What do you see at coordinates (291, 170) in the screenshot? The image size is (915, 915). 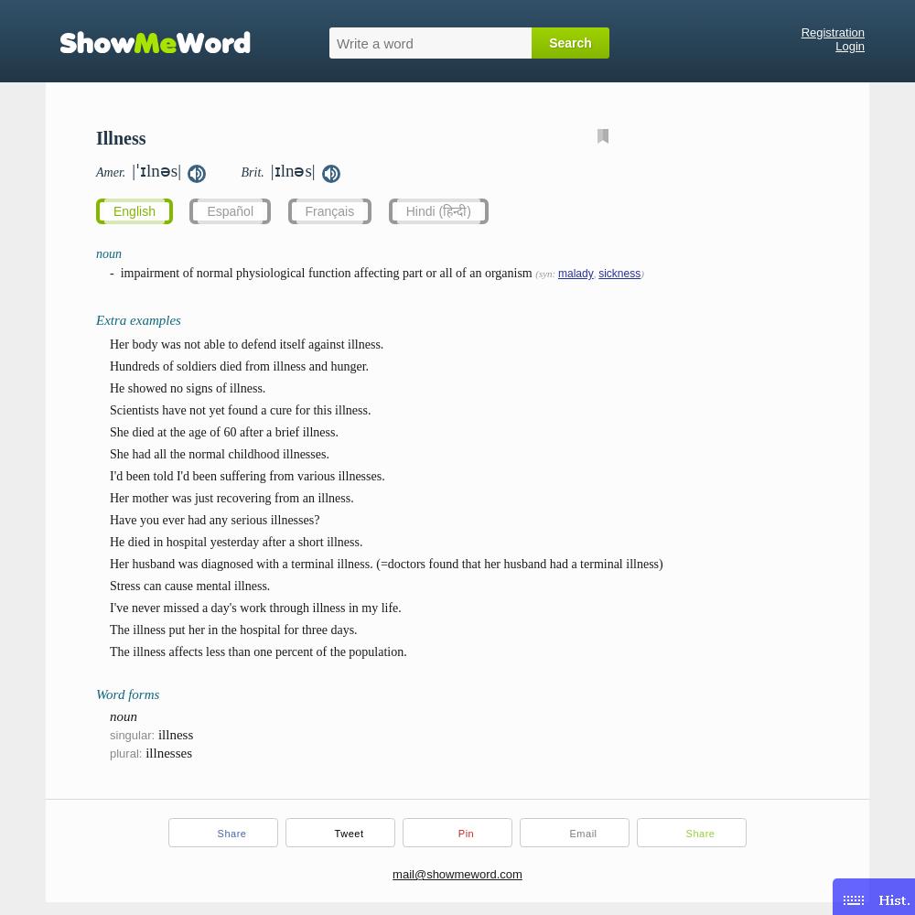 I see `'|ɪlnəs|'` at bounding box center [291, 170].